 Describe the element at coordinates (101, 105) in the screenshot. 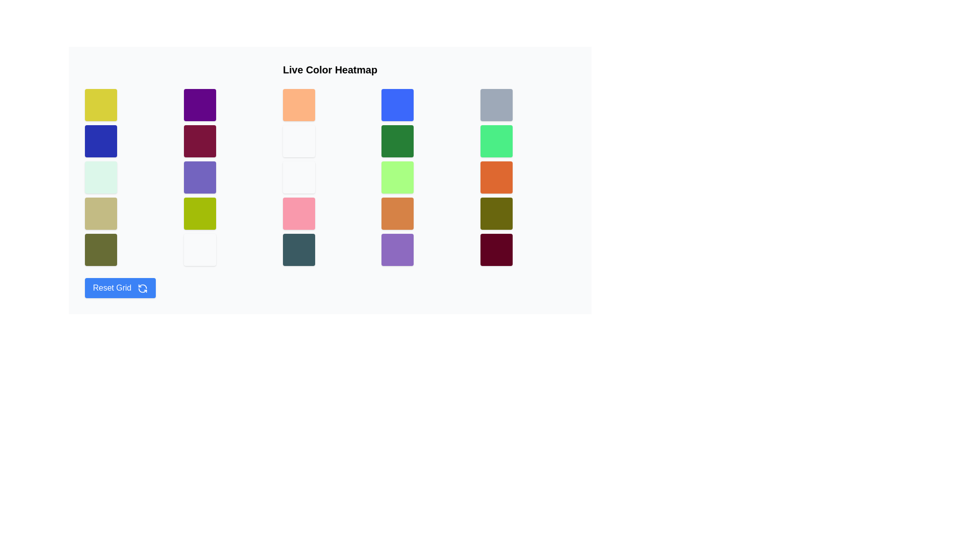

I see `the static visual component with a yellow background, which is a square with rounded corners located in the first column and first row of the grid` at that location.